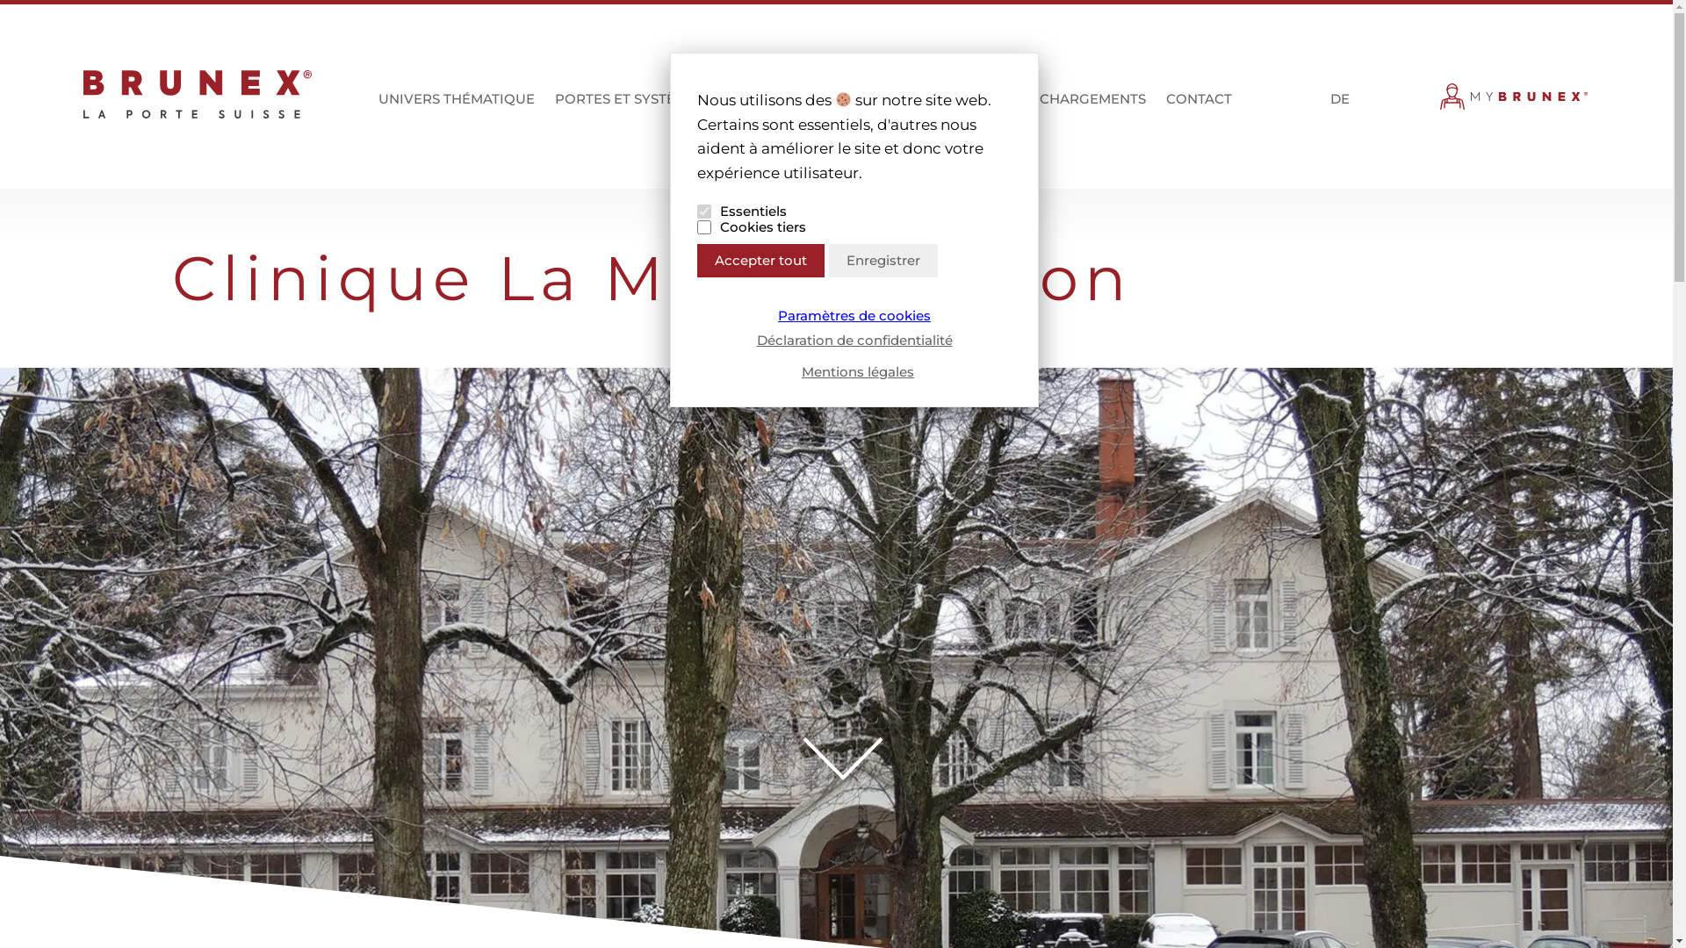  I want to click on 'ENTREPRISE', so click(900, 107).